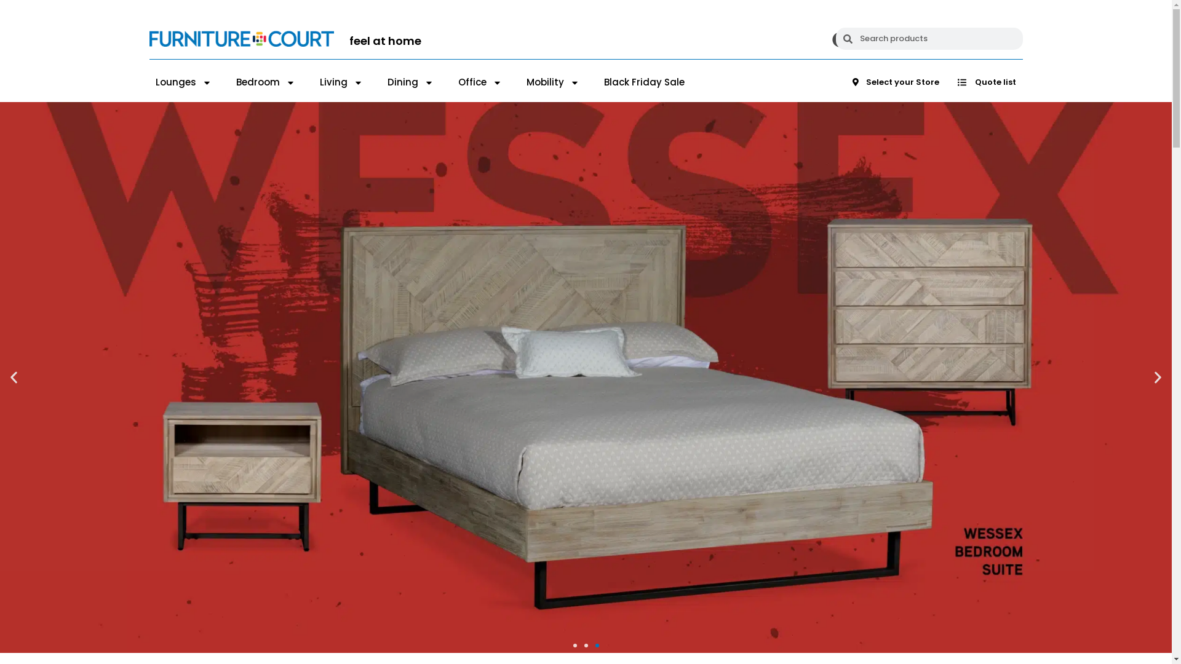  Describe the element at coordinates (896, 82) in the screenshot. I see `'Select your Store'` at that location.